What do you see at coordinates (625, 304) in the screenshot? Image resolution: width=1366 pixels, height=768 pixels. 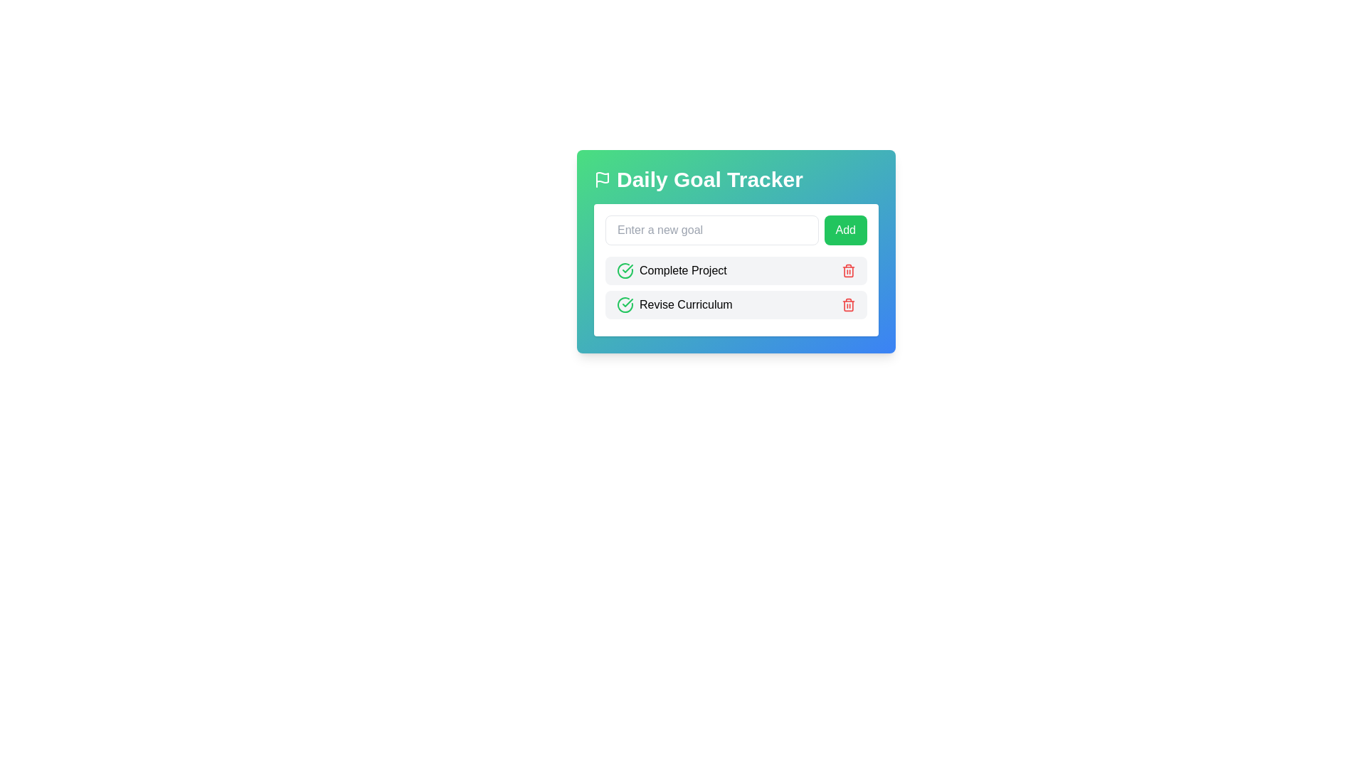 I see `the green circular icon with a checkmark, located to the left of the 'Revise Curriculum' text in the 'Daily Goal Tracker' interface` at bounding box center [625, 304].